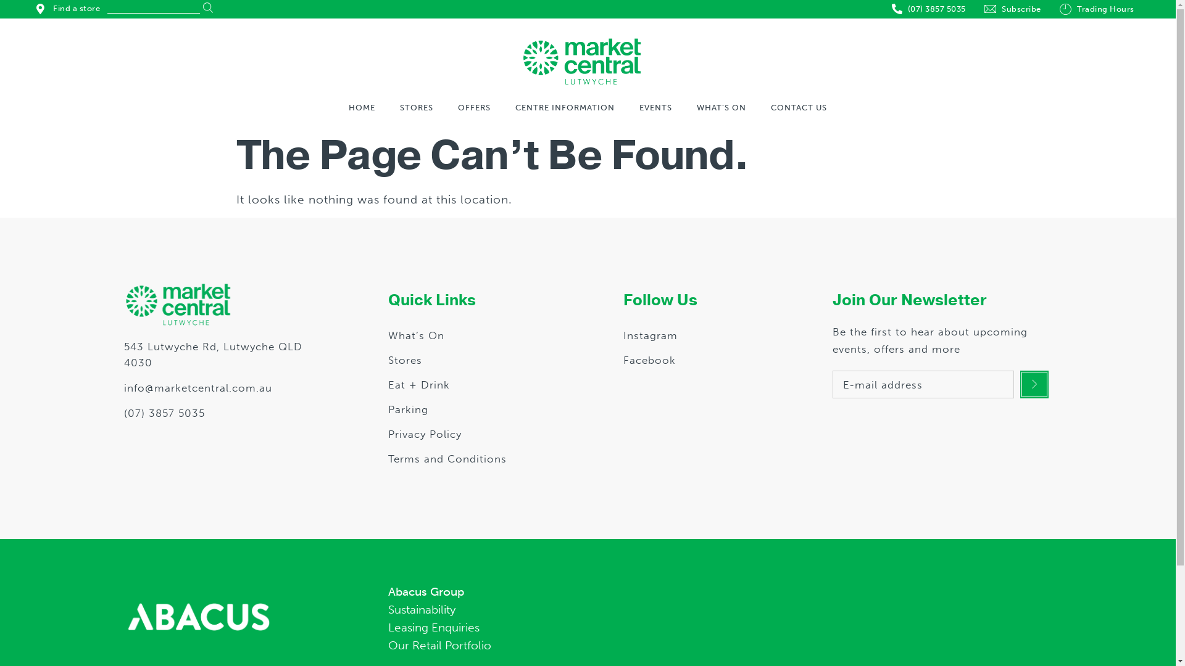 The height and width of the screenshot is (666, 1185). I want to click on 'Privacy Policy', so click(425, 434).